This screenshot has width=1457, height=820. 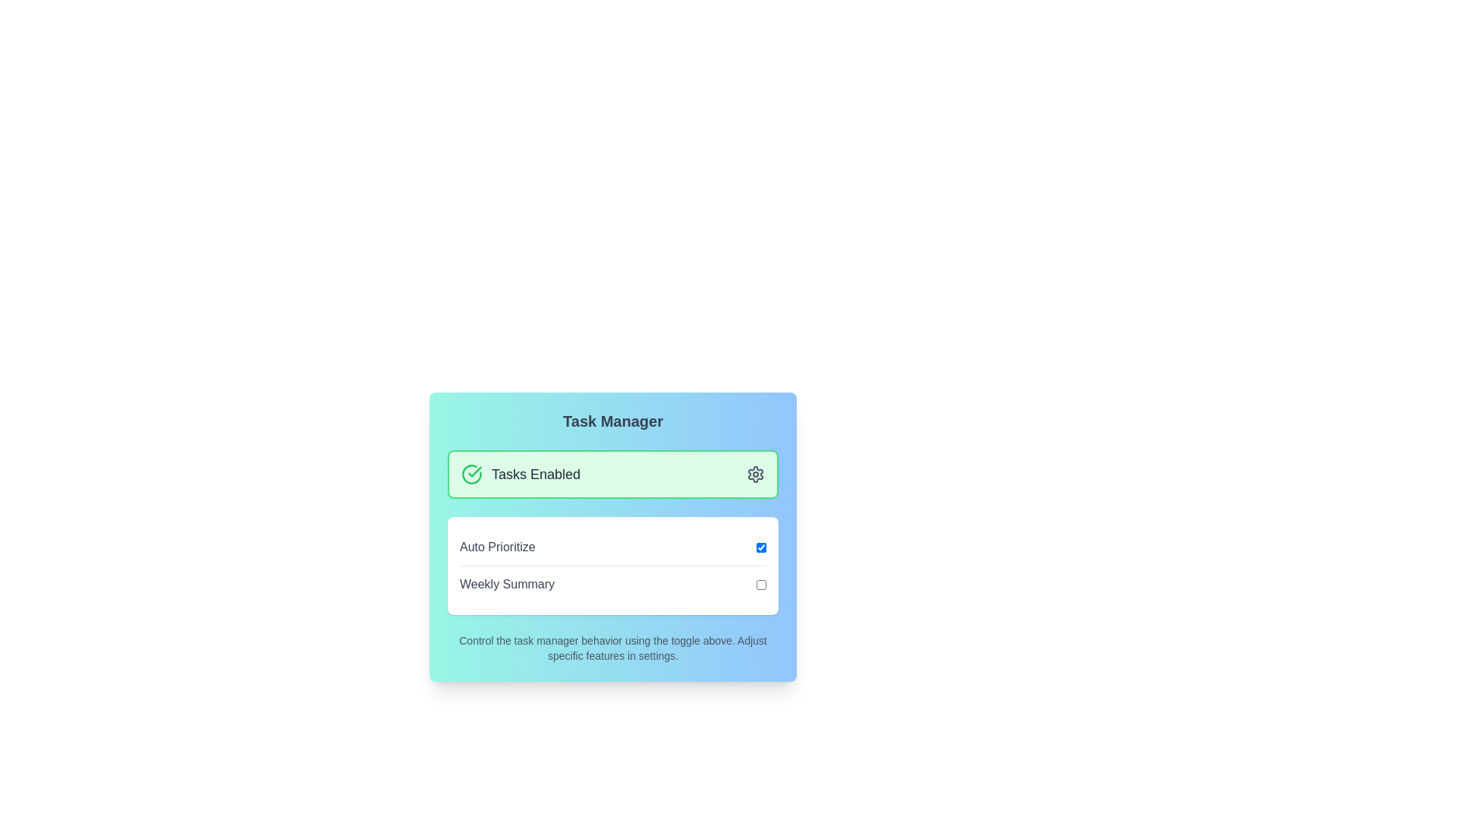 I want to click on the settings gear icon located in the green panel at the top of the 'Task Manager' interface, so click(x=756, y=473).